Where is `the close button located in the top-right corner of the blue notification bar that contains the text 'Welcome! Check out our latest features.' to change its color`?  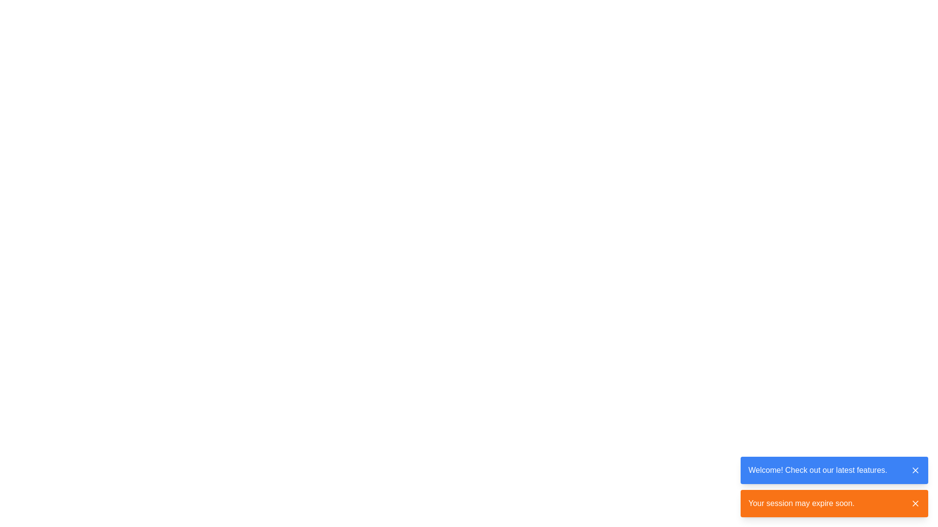 the close button located in the top-right corner of the blue notification bar that contains the text 'Welcome! Check out our latest features.' to change its color is located at coordinates (915, 470).